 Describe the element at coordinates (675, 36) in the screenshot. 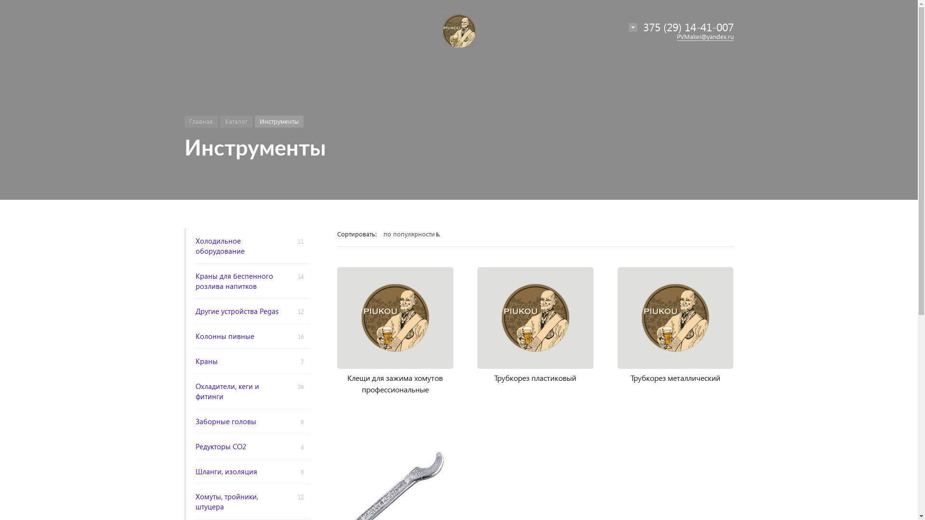

I see `'PVMakei@yandex.ru'` at that location.